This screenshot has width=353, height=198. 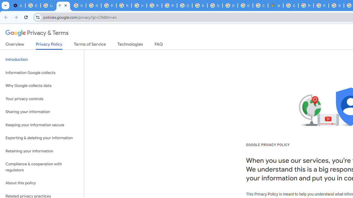 I want to click on 'YouTube', so click(x=124, y=5).